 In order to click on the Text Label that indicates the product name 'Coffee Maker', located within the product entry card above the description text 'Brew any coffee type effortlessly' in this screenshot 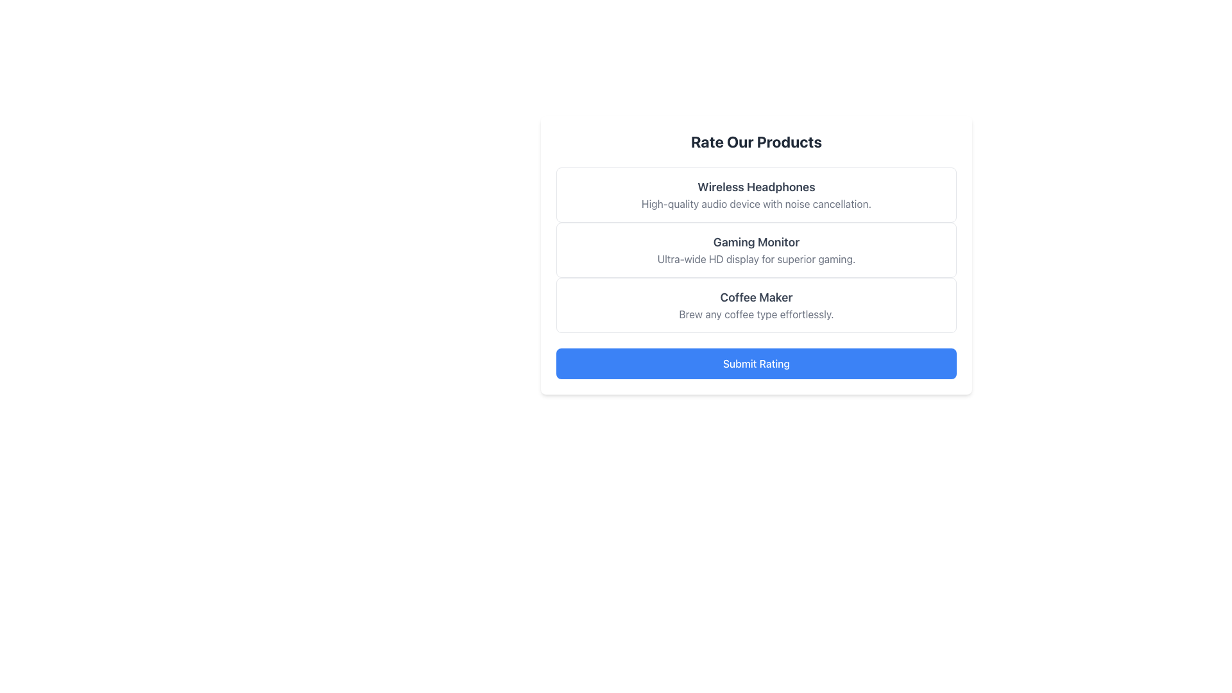, I will do `click(757, 297)`.